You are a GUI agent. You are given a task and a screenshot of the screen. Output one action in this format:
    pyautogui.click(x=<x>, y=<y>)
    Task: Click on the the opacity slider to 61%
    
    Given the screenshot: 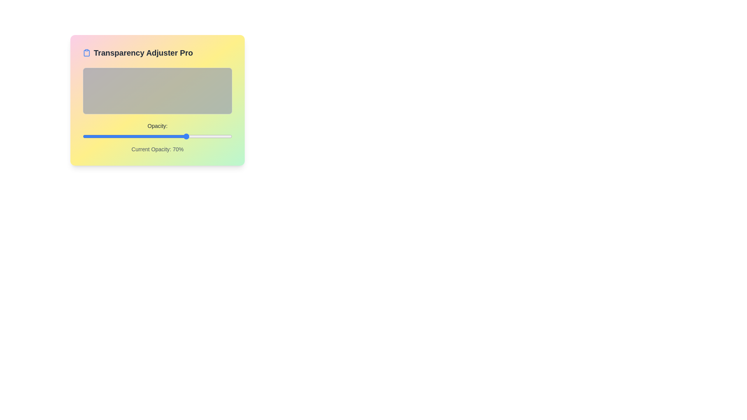 What is the action you would take?
    pyautogui.click(x=174, y=136)
    